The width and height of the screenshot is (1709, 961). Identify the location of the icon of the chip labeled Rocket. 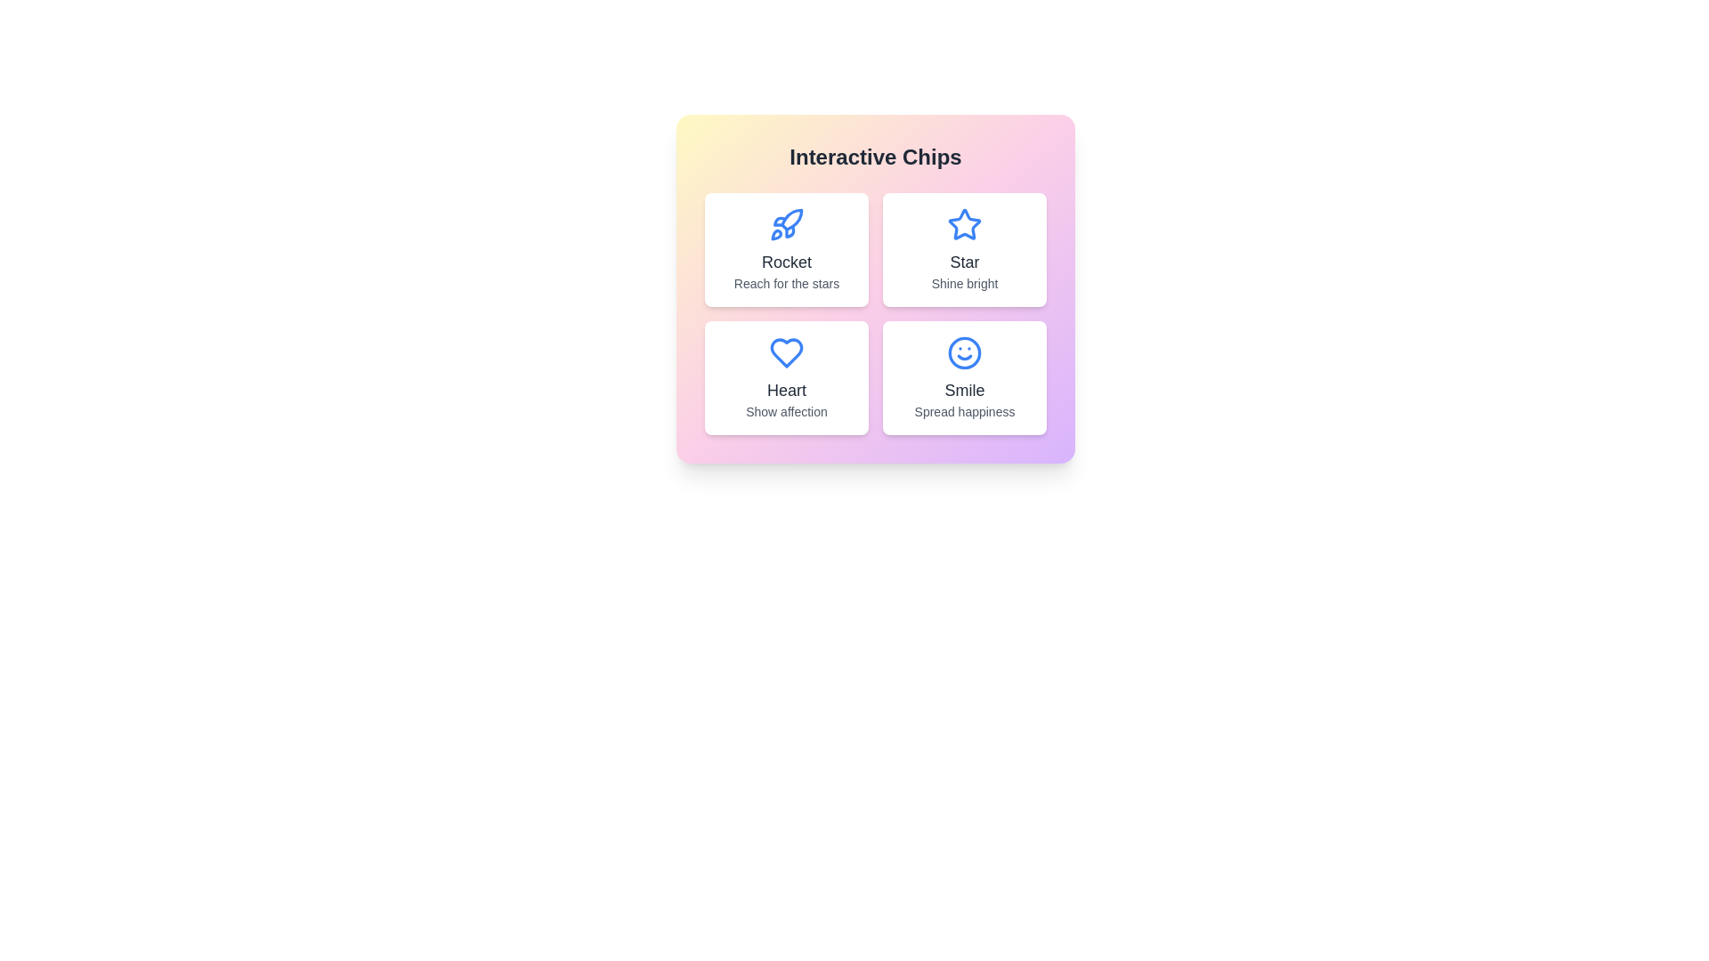
(785, 224).